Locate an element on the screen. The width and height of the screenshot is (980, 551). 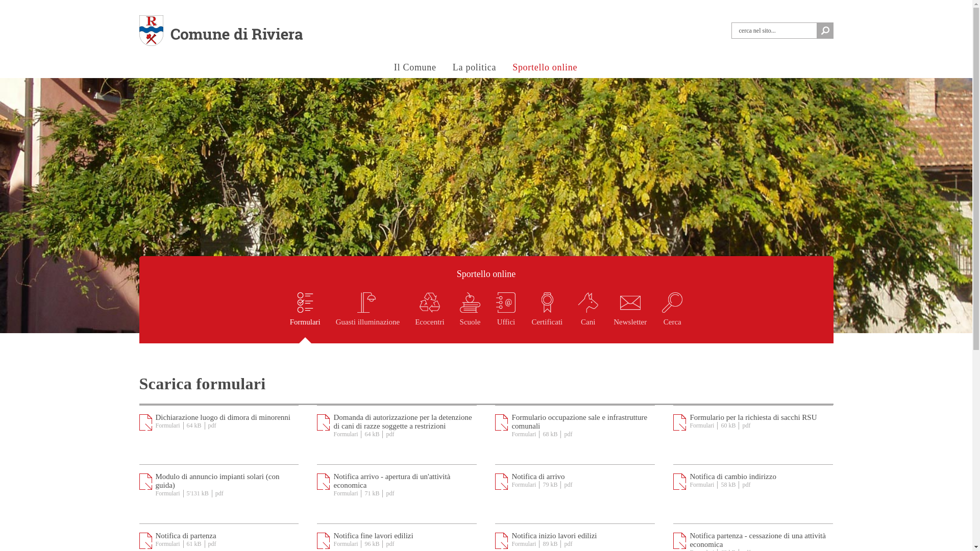
'Cani' is located at coordinates (588, 317).